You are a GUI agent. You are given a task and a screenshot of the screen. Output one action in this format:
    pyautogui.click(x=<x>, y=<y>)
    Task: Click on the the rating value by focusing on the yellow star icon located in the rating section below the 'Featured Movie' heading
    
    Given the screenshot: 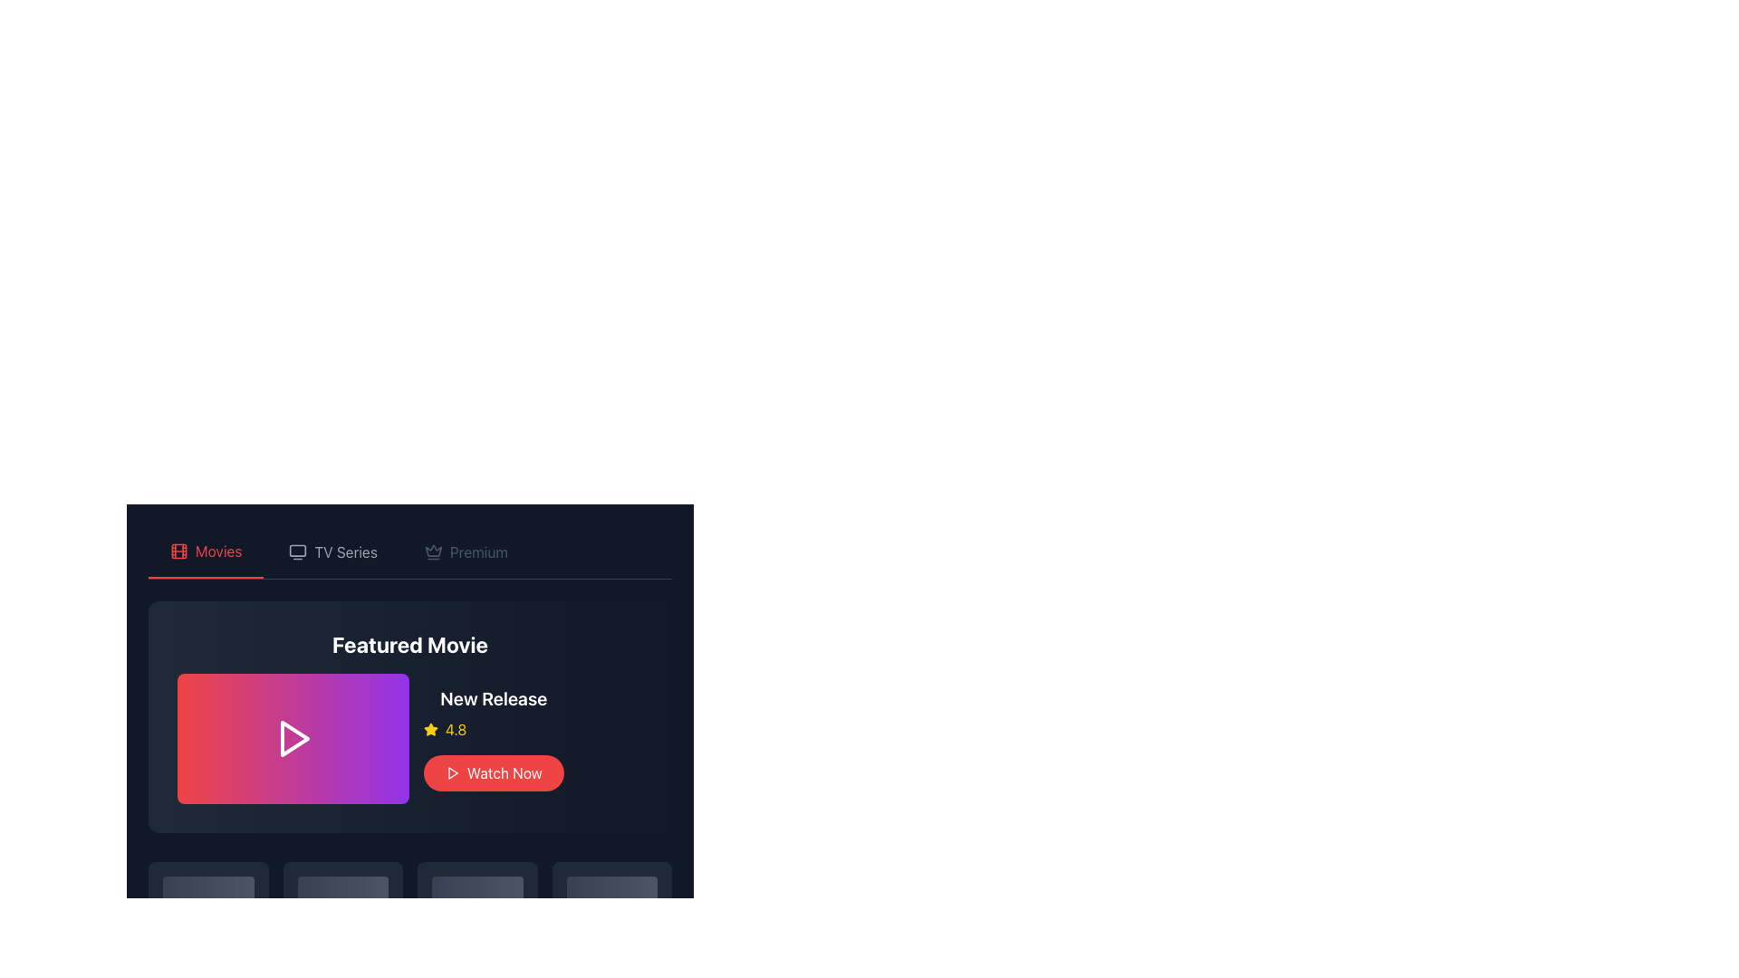 What is the action you would take?
    pyautogui.click(x=429, y=728)
    